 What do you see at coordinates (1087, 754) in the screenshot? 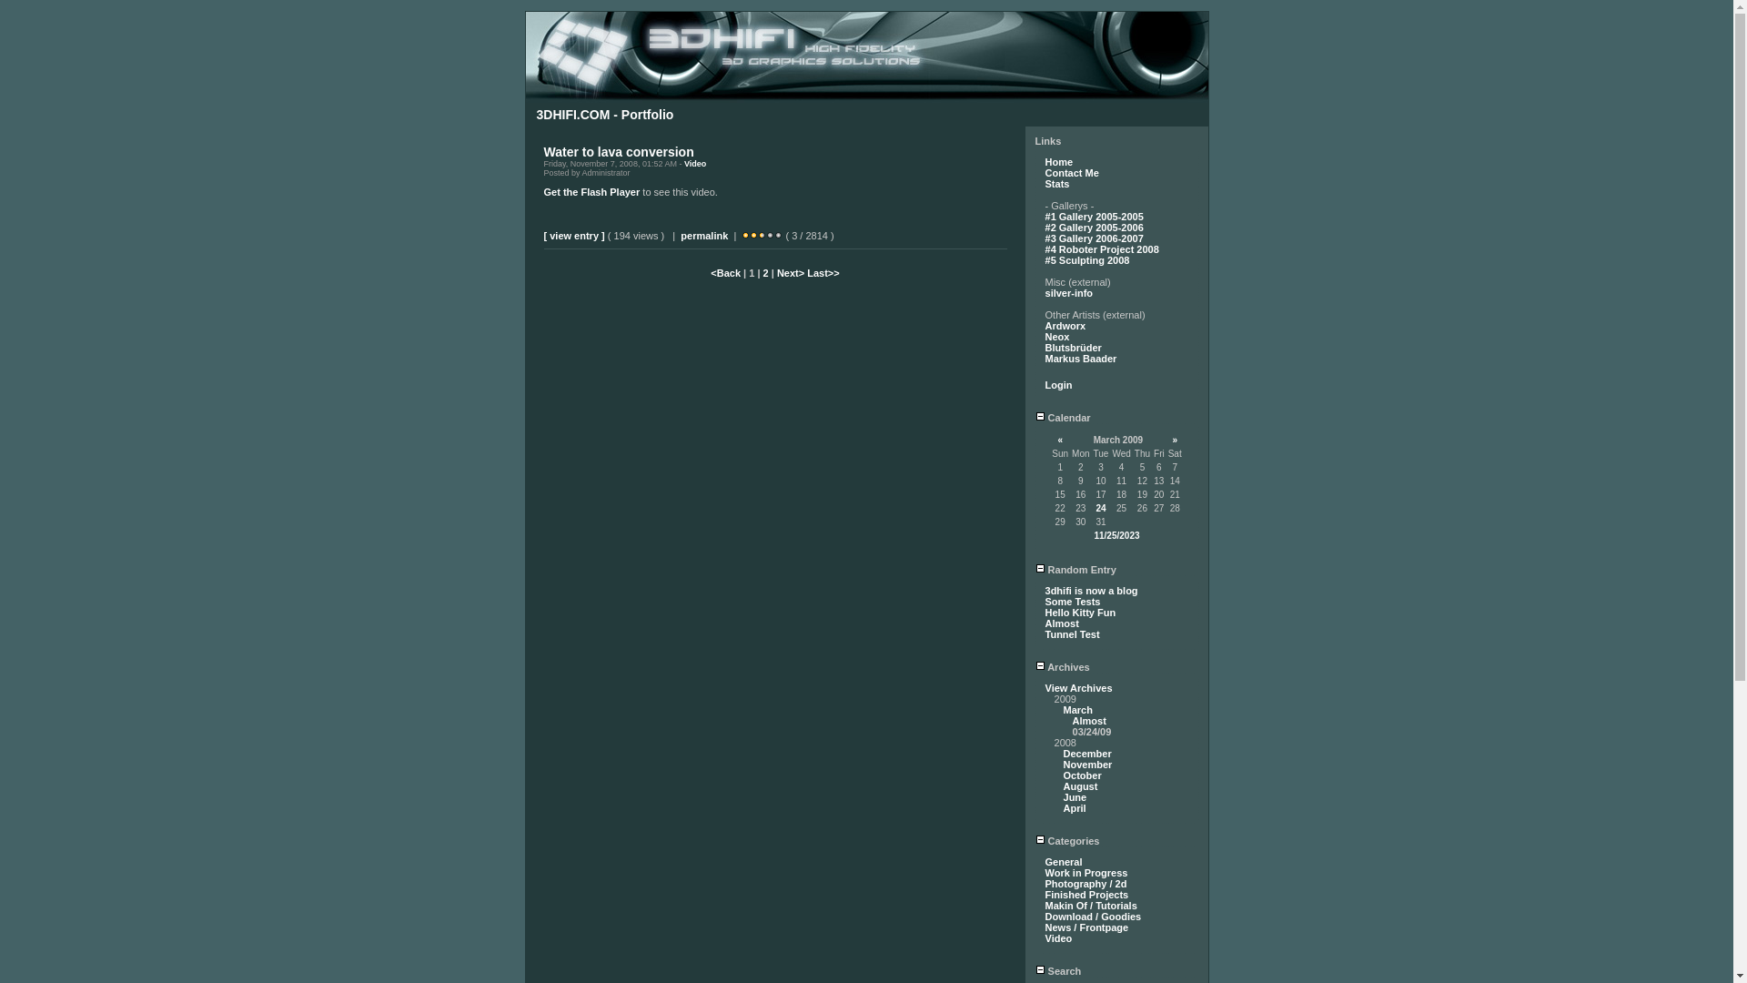
I see `'December'` at bounding box center [1087, 754].